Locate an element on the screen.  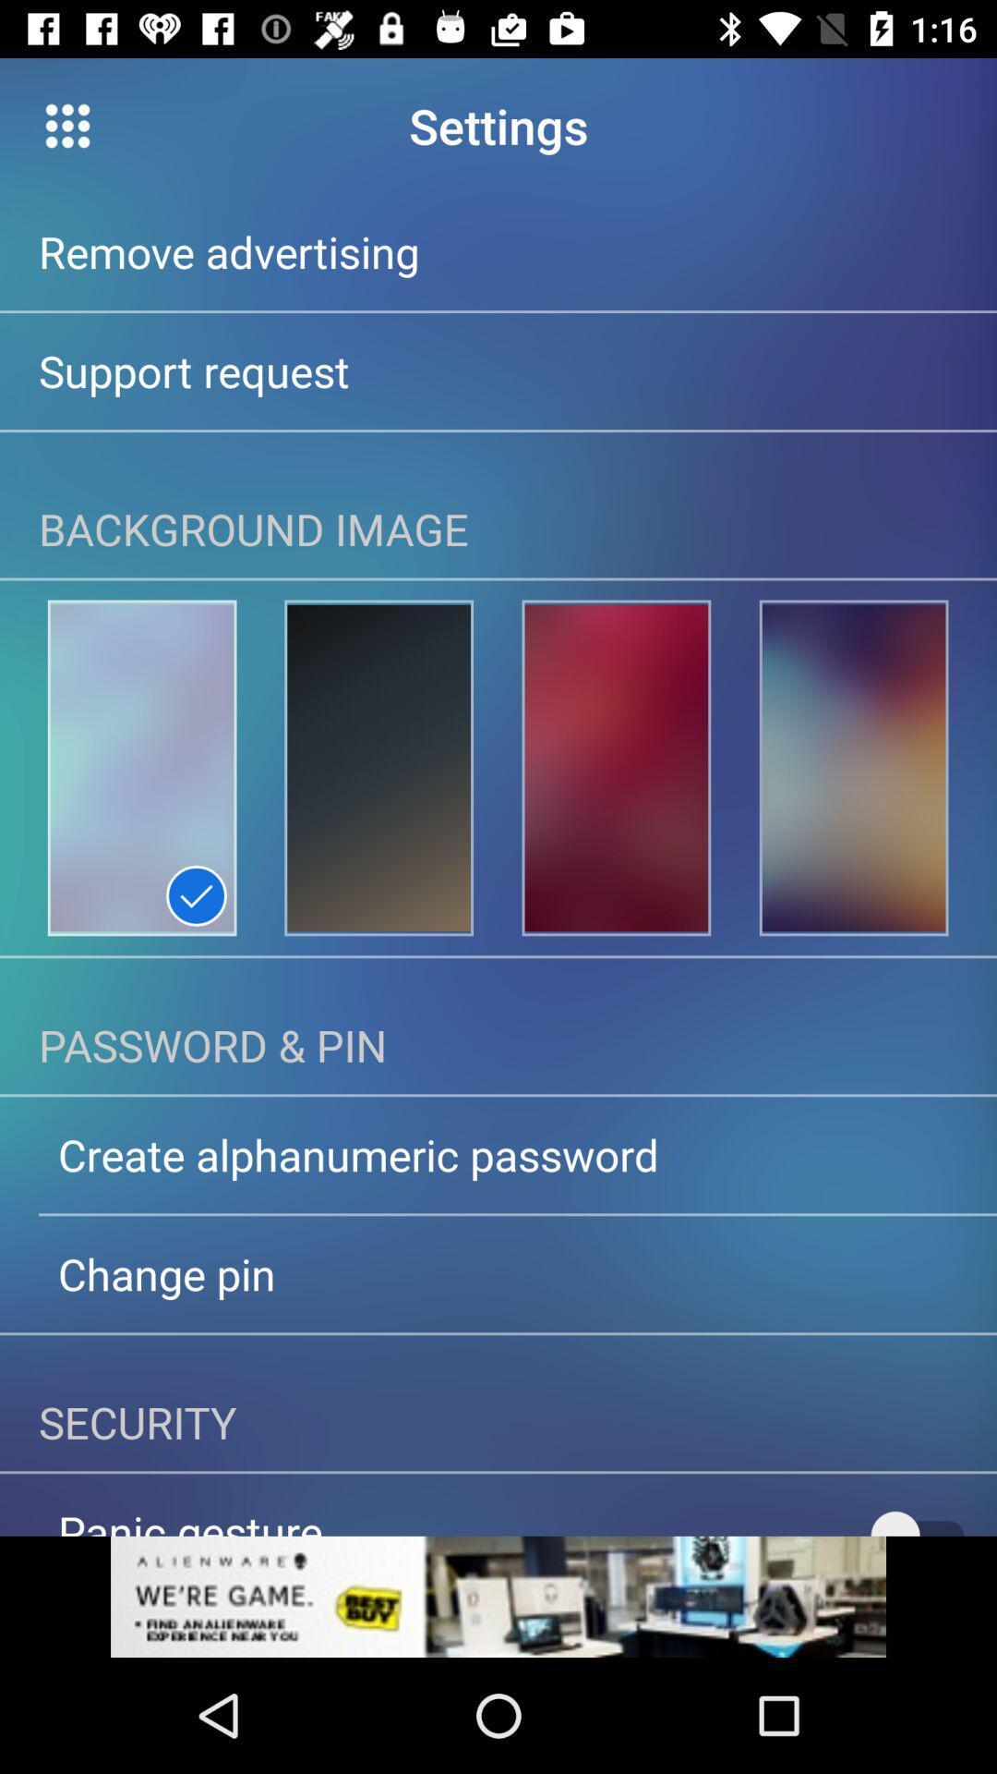
video gallery is located at coordinates (66, 125).